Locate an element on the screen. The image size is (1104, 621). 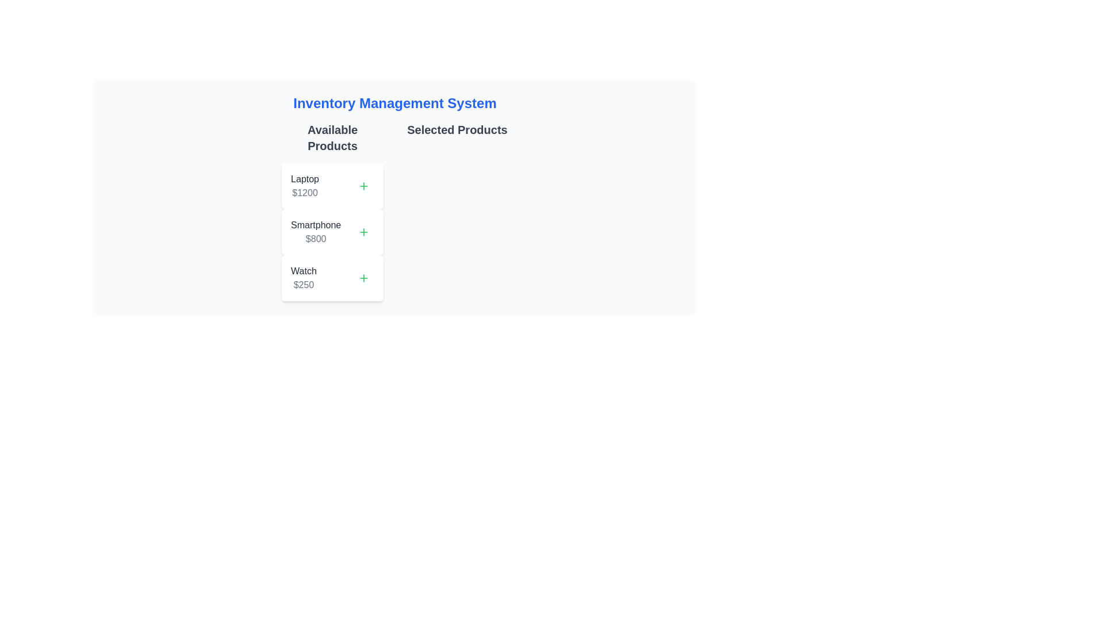
text content of the label displaying 'Laptop' located at the top-left corner of the first item card in the 'Available Products' section is located at coordinates (305, 179).